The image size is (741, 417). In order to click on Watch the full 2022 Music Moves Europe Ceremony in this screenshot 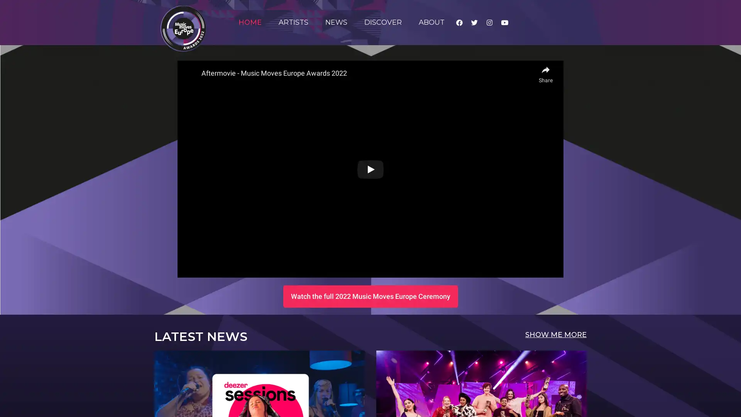, I will do `click(370, 296)`.